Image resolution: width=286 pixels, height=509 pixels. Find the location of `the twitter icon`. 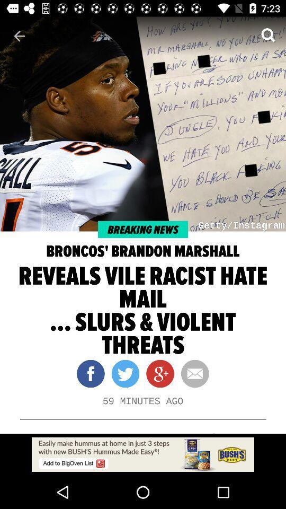

the twitter icon is located at coordinates (121, 374).